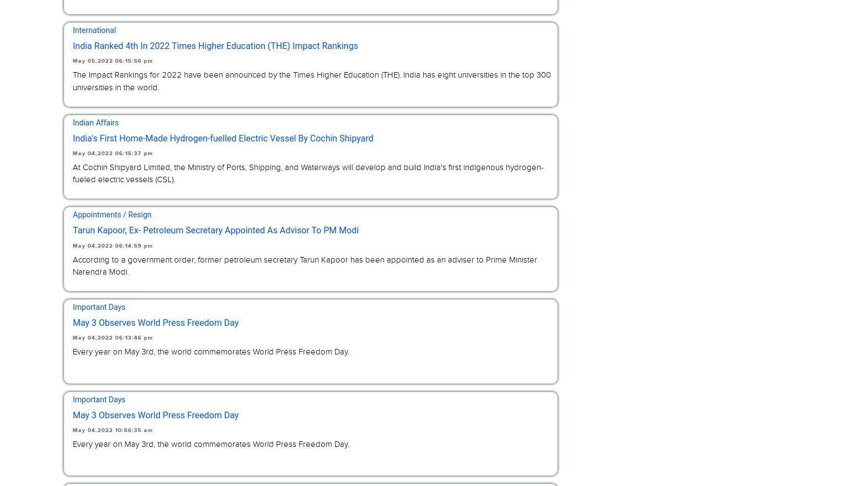 The height and width of the screenshot is (486, 854). What do you see at coordinates (215, 230) in the screenshot?
I see `'Tarun Kapoor, Ex- Petroleum Secretary Appointed As Advisor To PM Modi'` at bounding box center [215, 230].